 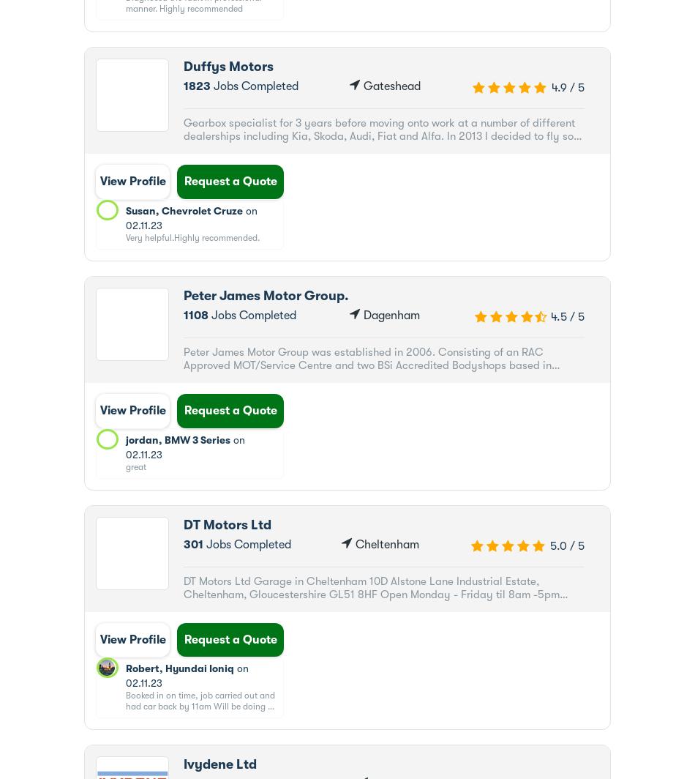 I want to click on '4.9', so click(x=558, y=86).